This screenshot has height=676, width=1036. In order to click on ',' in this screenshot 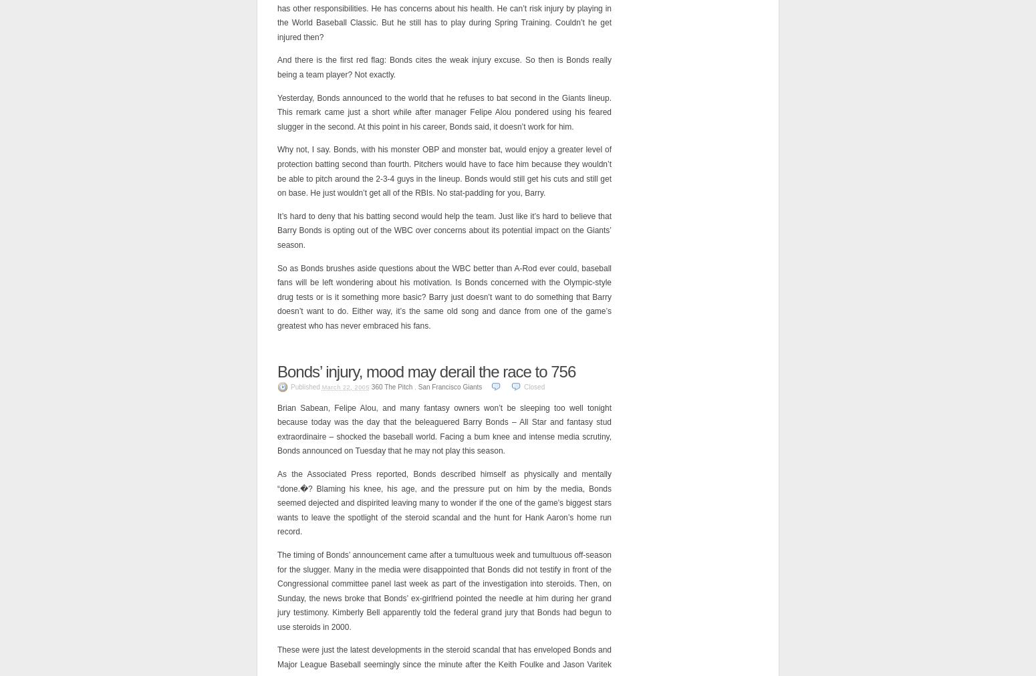, I will do `click(412, 385)`.